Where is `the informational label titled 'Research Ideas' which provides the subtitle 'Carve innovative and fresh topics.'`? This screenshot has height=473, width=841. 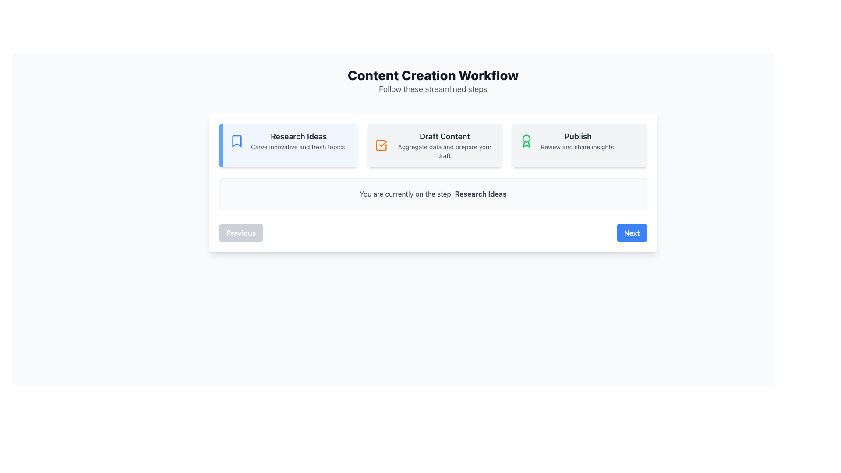 the informational label titled 'Research Ideas' which provides the subtitle 'Carve innovative and fresh topics.' is located at coordinates (299, 140).